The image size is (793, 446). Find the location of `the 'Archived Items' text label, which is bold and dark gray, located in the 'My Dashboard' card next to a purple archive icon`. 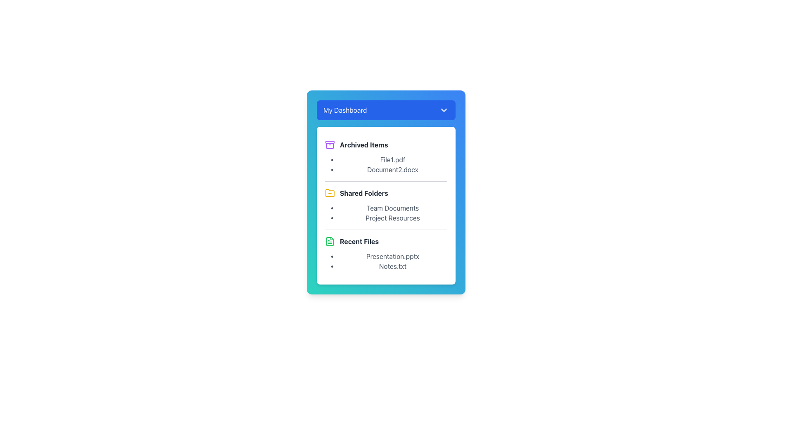

the 'Archived Items' text label, which is bold and dark gray, located in the 'My Dashboard' card next to a purple archive icon is located at coordinates (363, 145).